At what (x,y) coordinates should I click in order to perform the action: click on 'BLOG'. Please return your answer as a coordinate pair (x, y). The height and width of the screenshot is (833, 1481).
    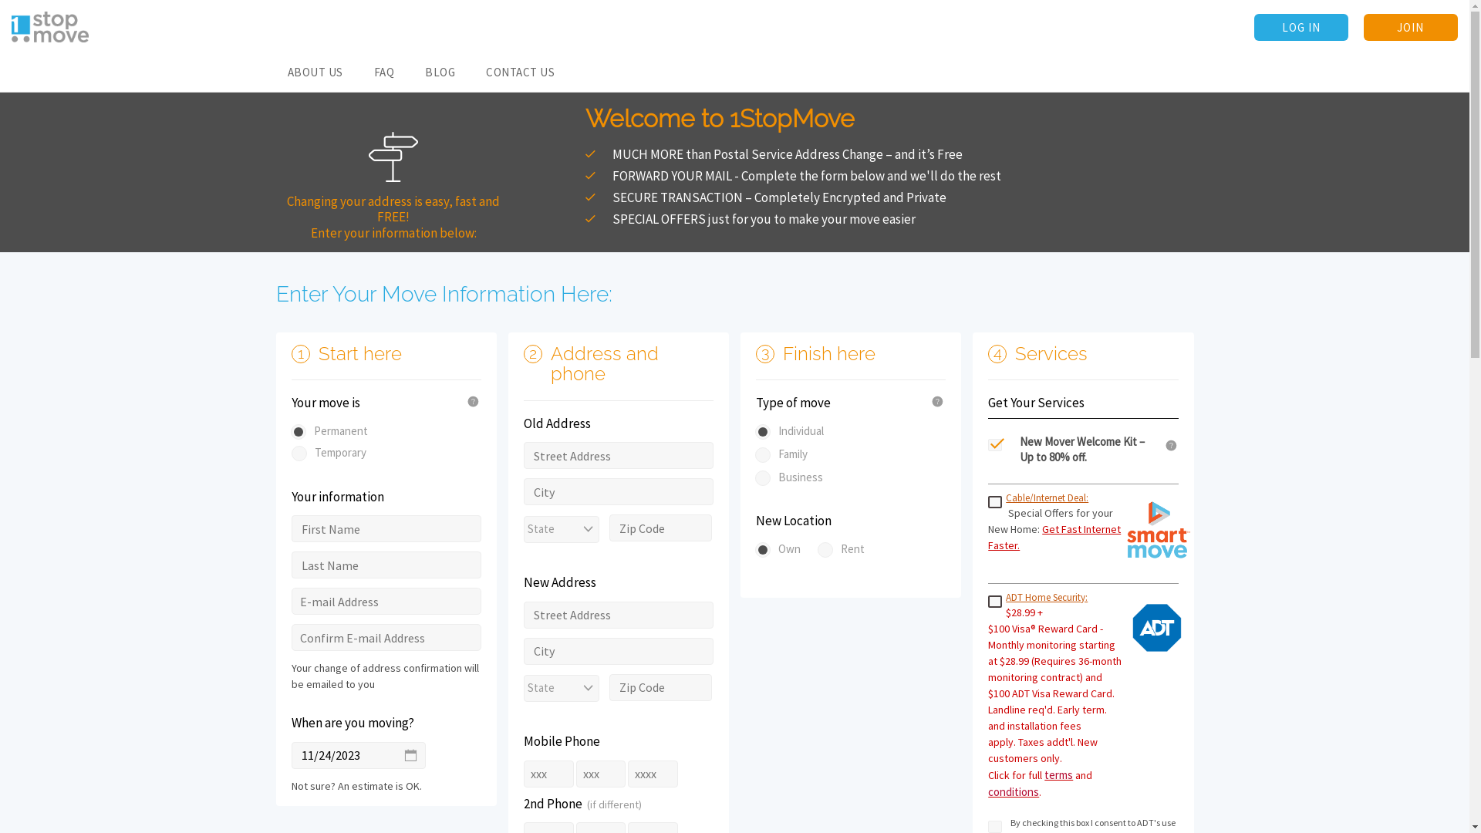
    Looking at the image, I should click on (439, 73).